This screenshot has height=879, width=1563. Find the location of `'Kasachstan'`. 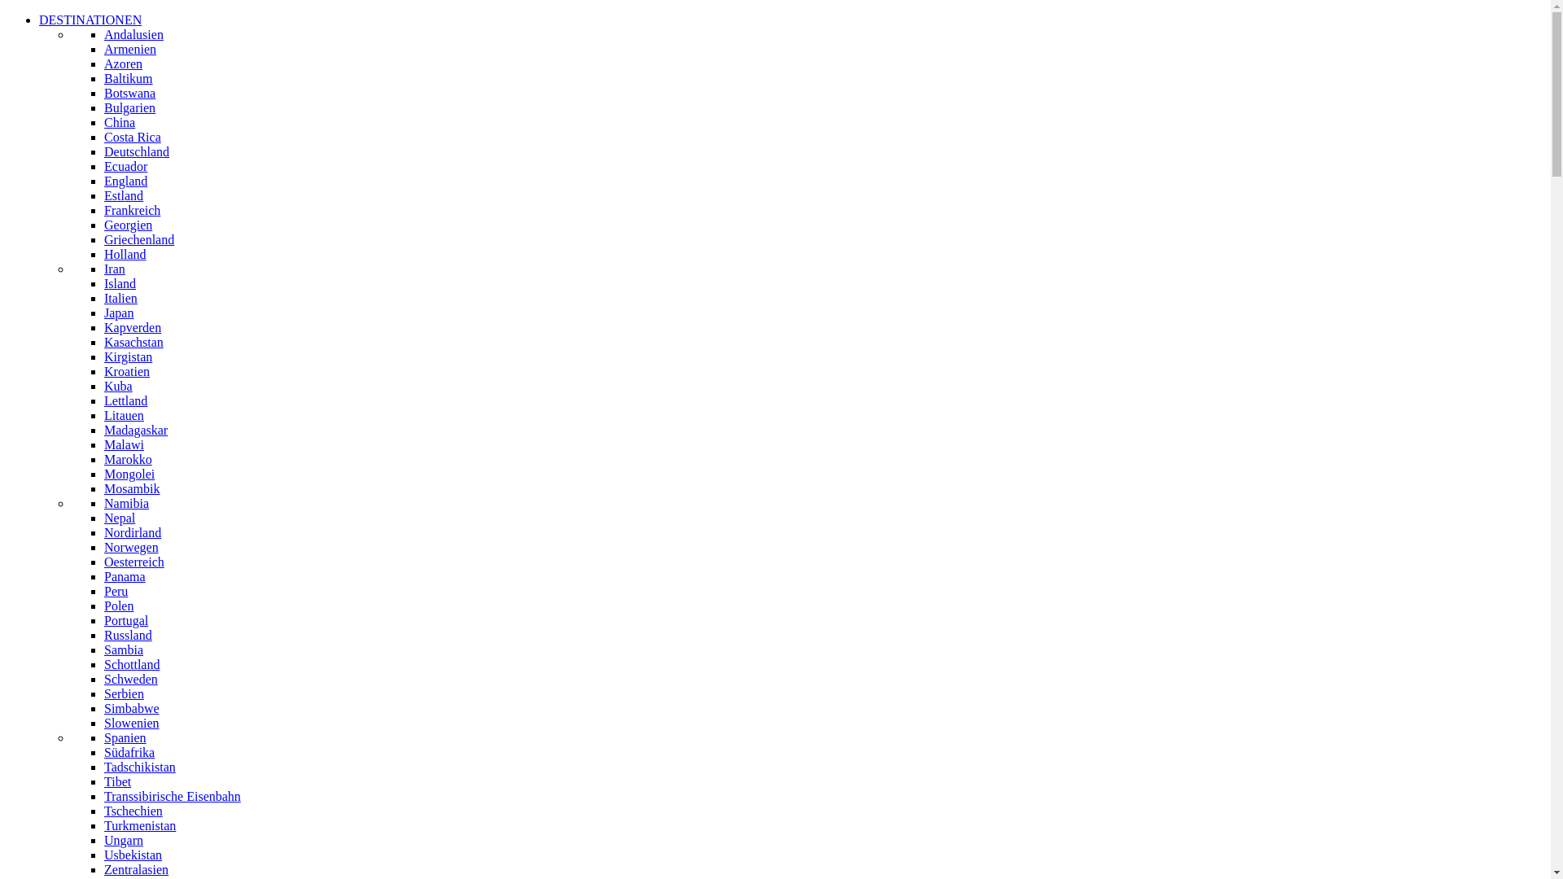

'Kasachstan' is located at coordinates (134, 341).